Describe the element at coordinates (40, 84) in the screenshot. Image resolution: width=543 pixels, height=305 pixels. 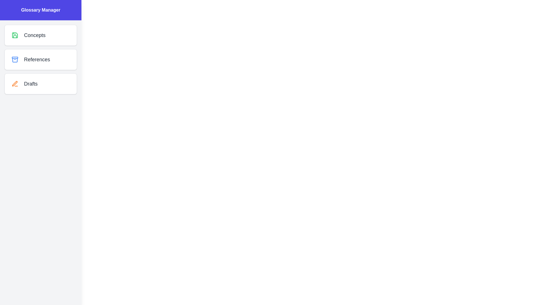
I see `the list item corresponding to the category Drafts` at that location.